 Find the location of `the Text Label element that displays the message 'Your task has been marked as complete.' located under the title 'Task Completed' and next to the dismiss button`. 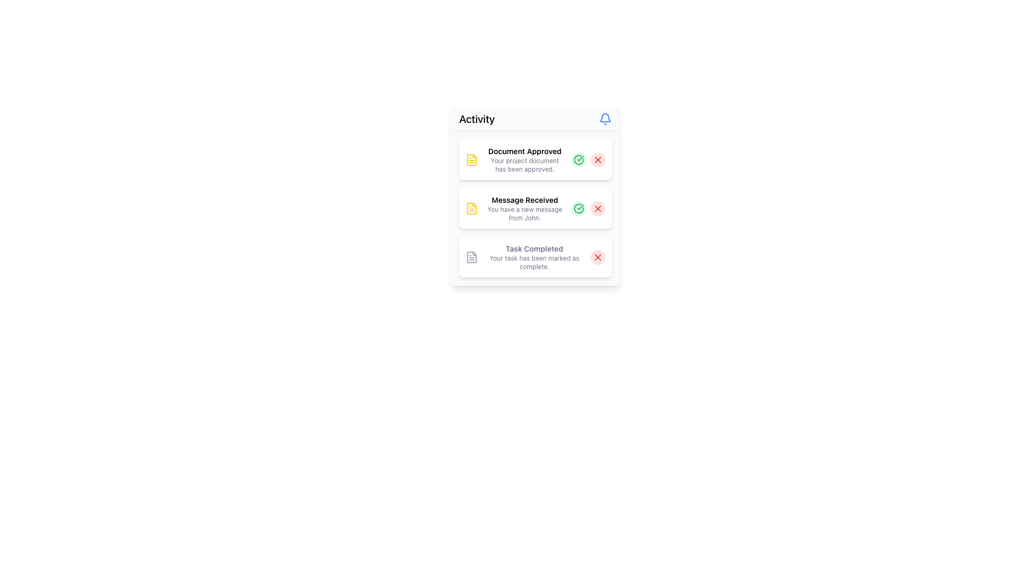

the Text Label element that displays the message 'Your task has been marked as complete.' located under the title 'Task Completed' and next to the dismiss button is located at coordinates (534, 262).